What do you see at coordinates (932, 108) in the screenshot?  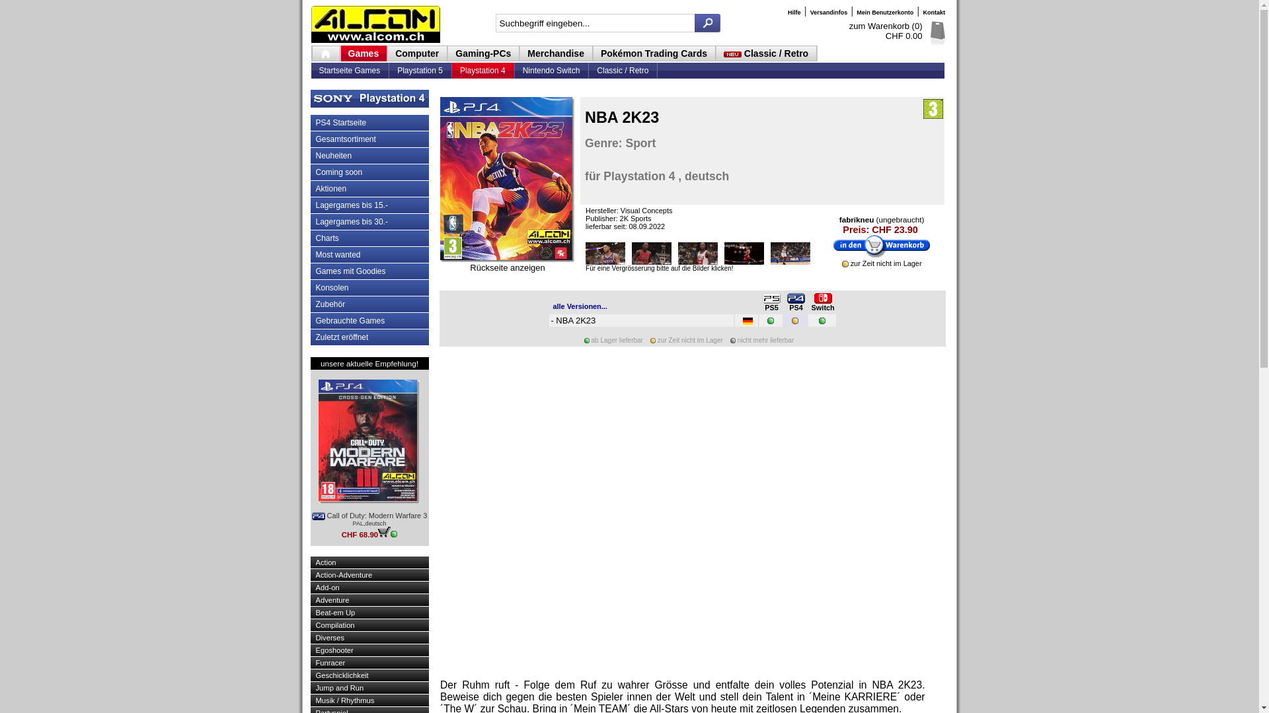 I see `'ab 3 Jahren'` at bounding box center [932, 108].